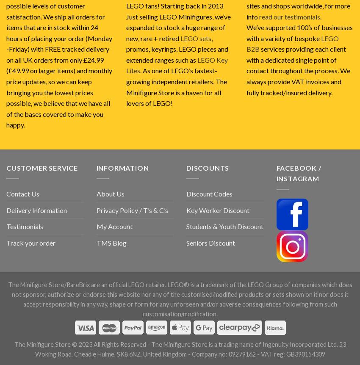 This screenshot has height=365, width=360. What do you see at coordinates (25, 226) in the screenshot?
I see `'Testimonials'` at bounding box center [25, 226].